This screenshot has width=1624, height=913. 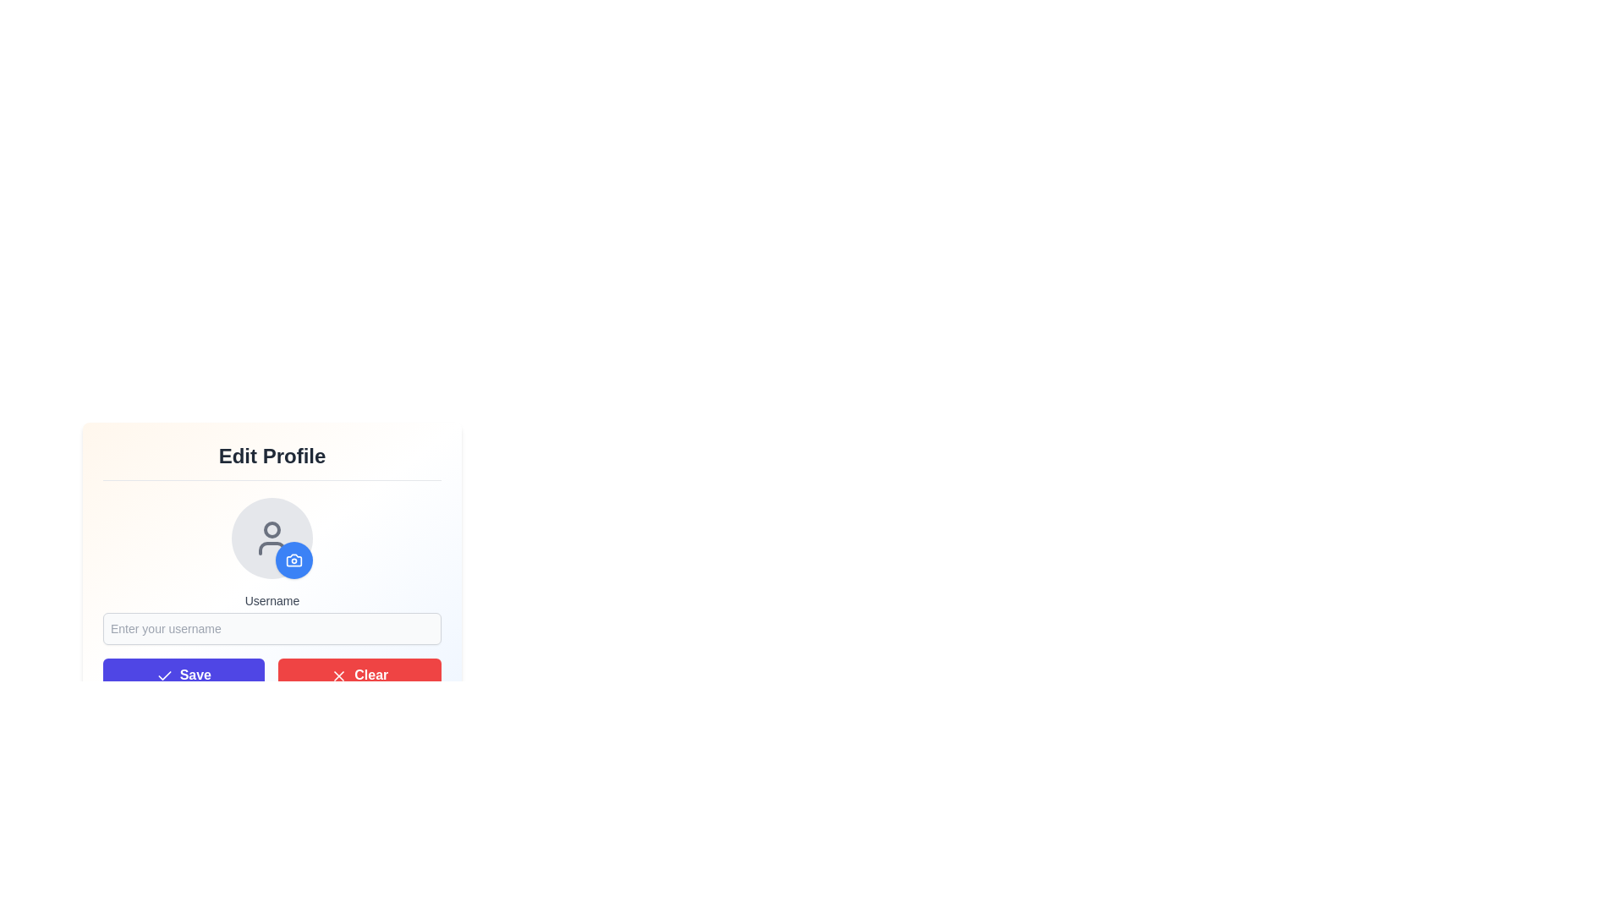 What do you see at coordinates (338, 675) in the screenshot?
I see `the small 'X' icon within the 'Clear' button at the bottom-right corner of the Edit Profile form` at bounding box center [338, 675].